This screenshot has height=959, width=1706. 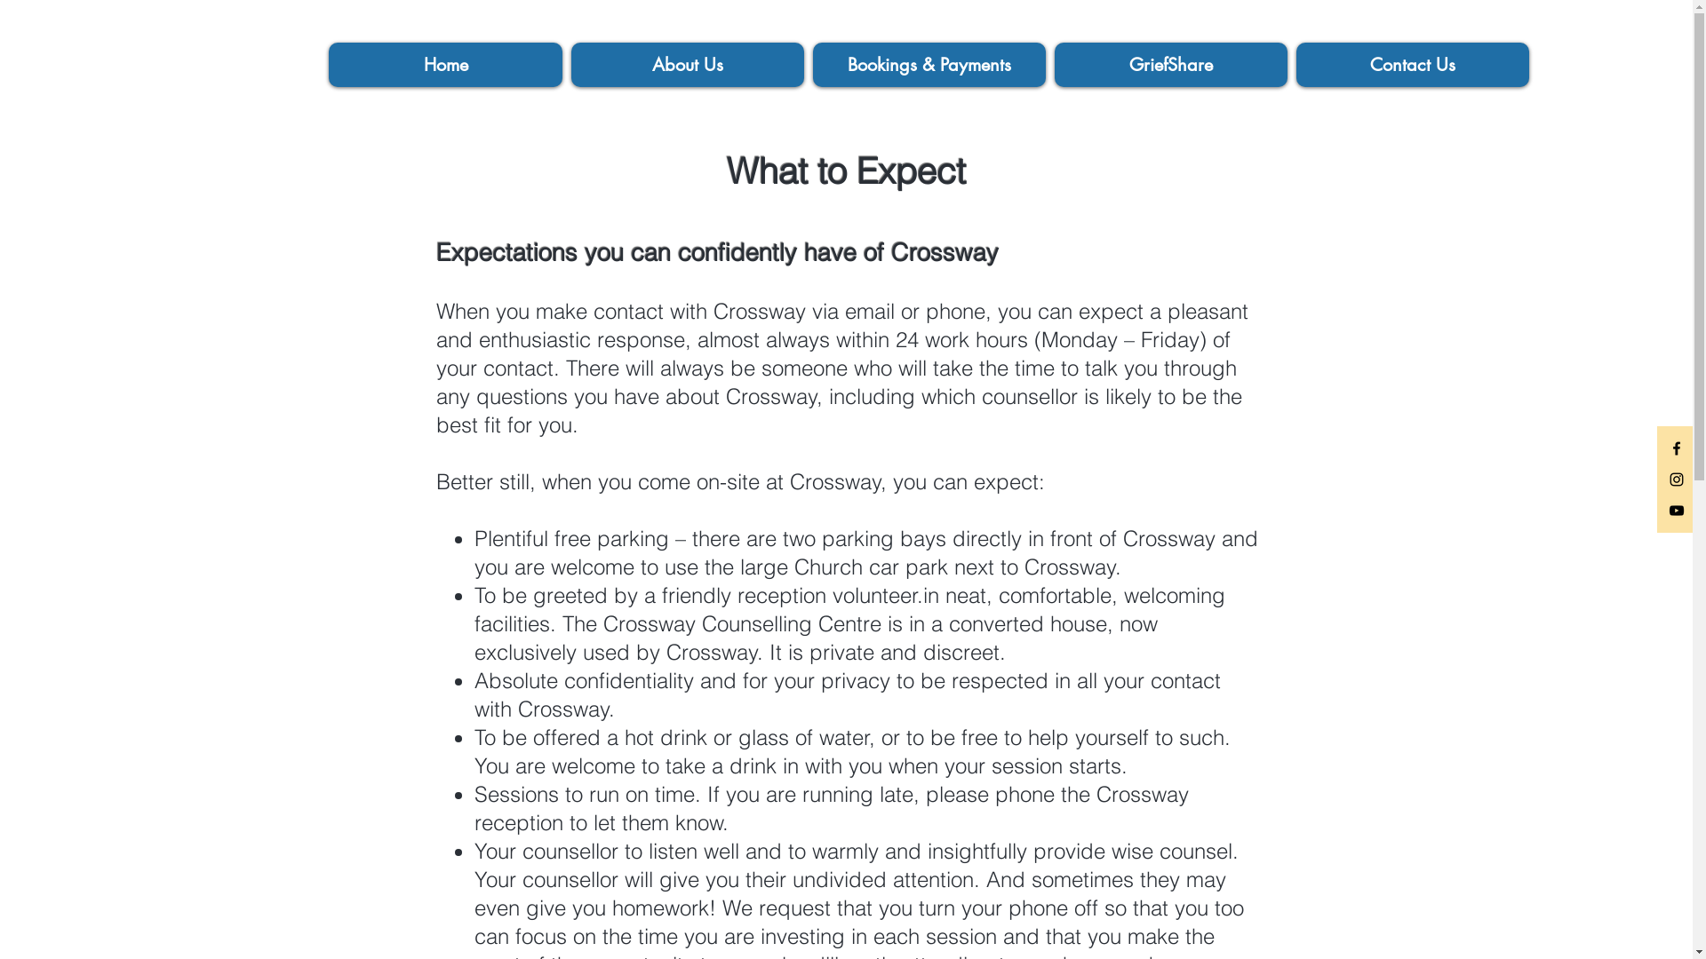 I want to click on 'About Us', so click(x=686, y=64).